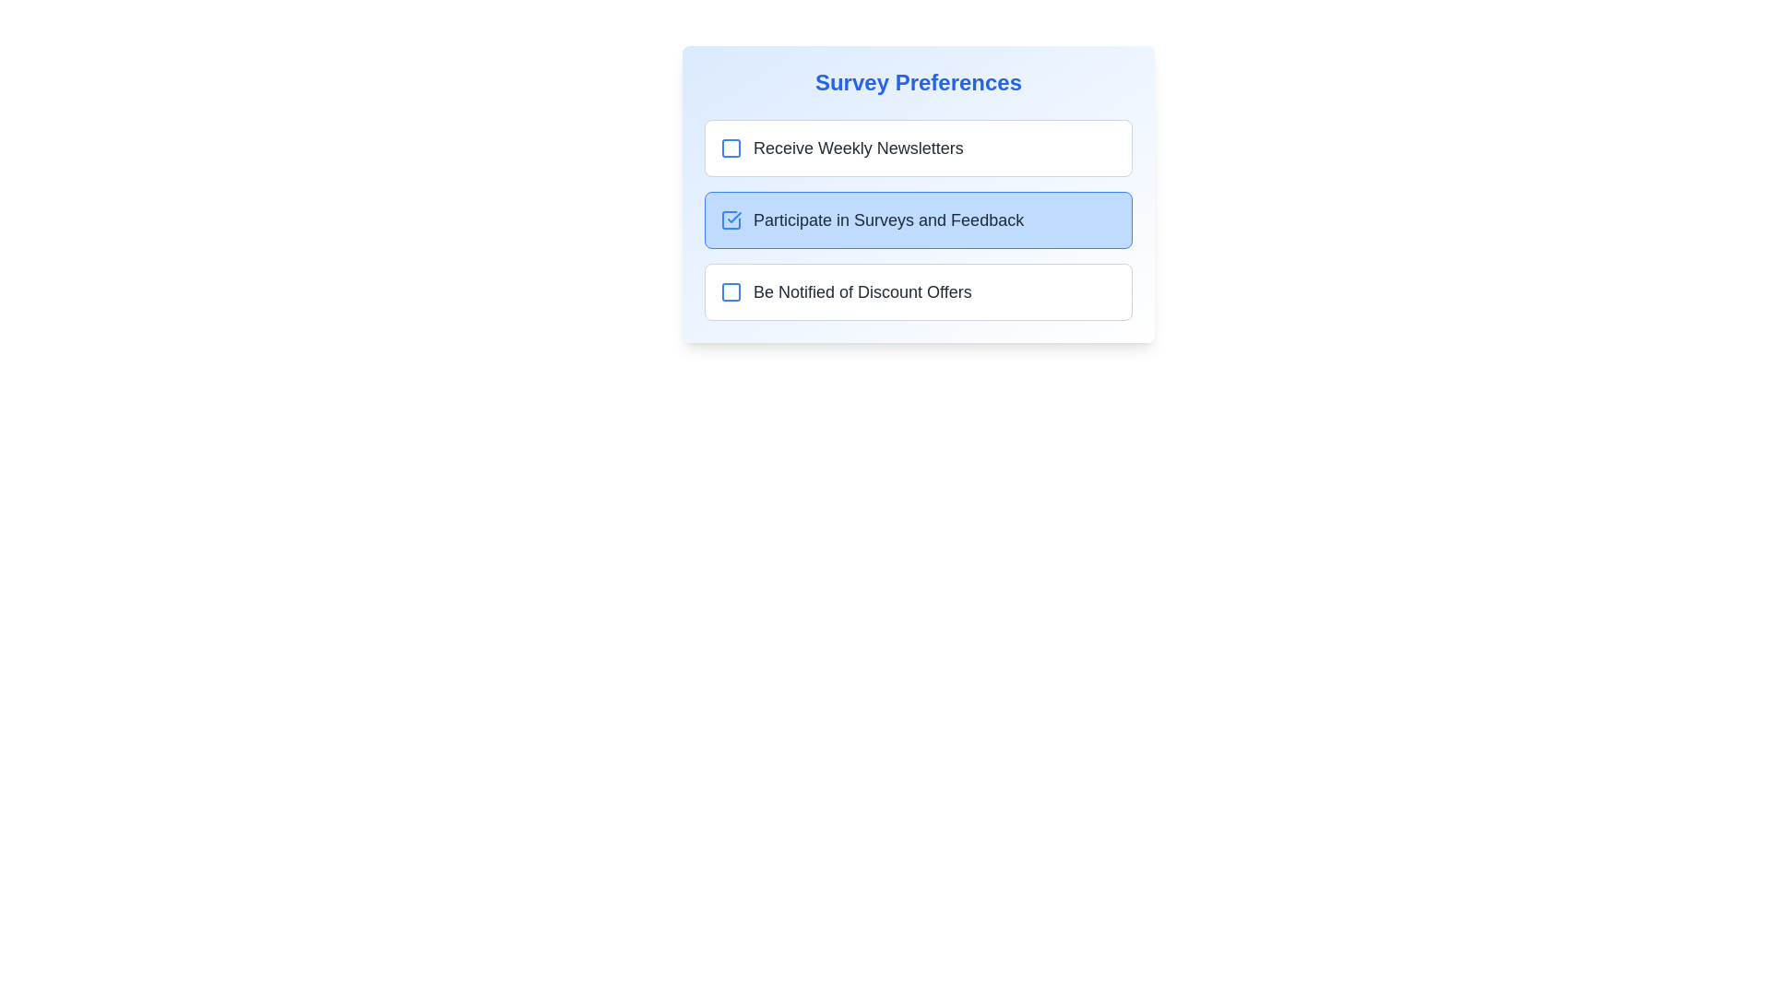  I want to click on the descriptive Text Label for the weekly newsletters option located at the top of the 'Survey Preferences' section, which summarizes the purpose of the related checkbox, so click(840, 148).